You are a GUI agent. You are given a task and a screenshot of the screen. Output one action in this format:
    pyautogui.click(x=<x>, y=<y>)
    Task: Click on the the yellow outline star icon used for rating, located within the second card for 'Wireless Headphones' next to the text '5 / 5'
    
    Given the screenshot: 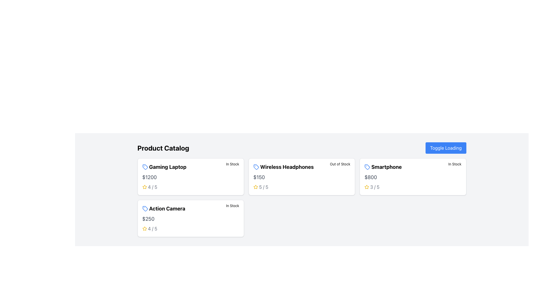 What is the action you would take?
    pyautogui.click(x=255, y=187)
    